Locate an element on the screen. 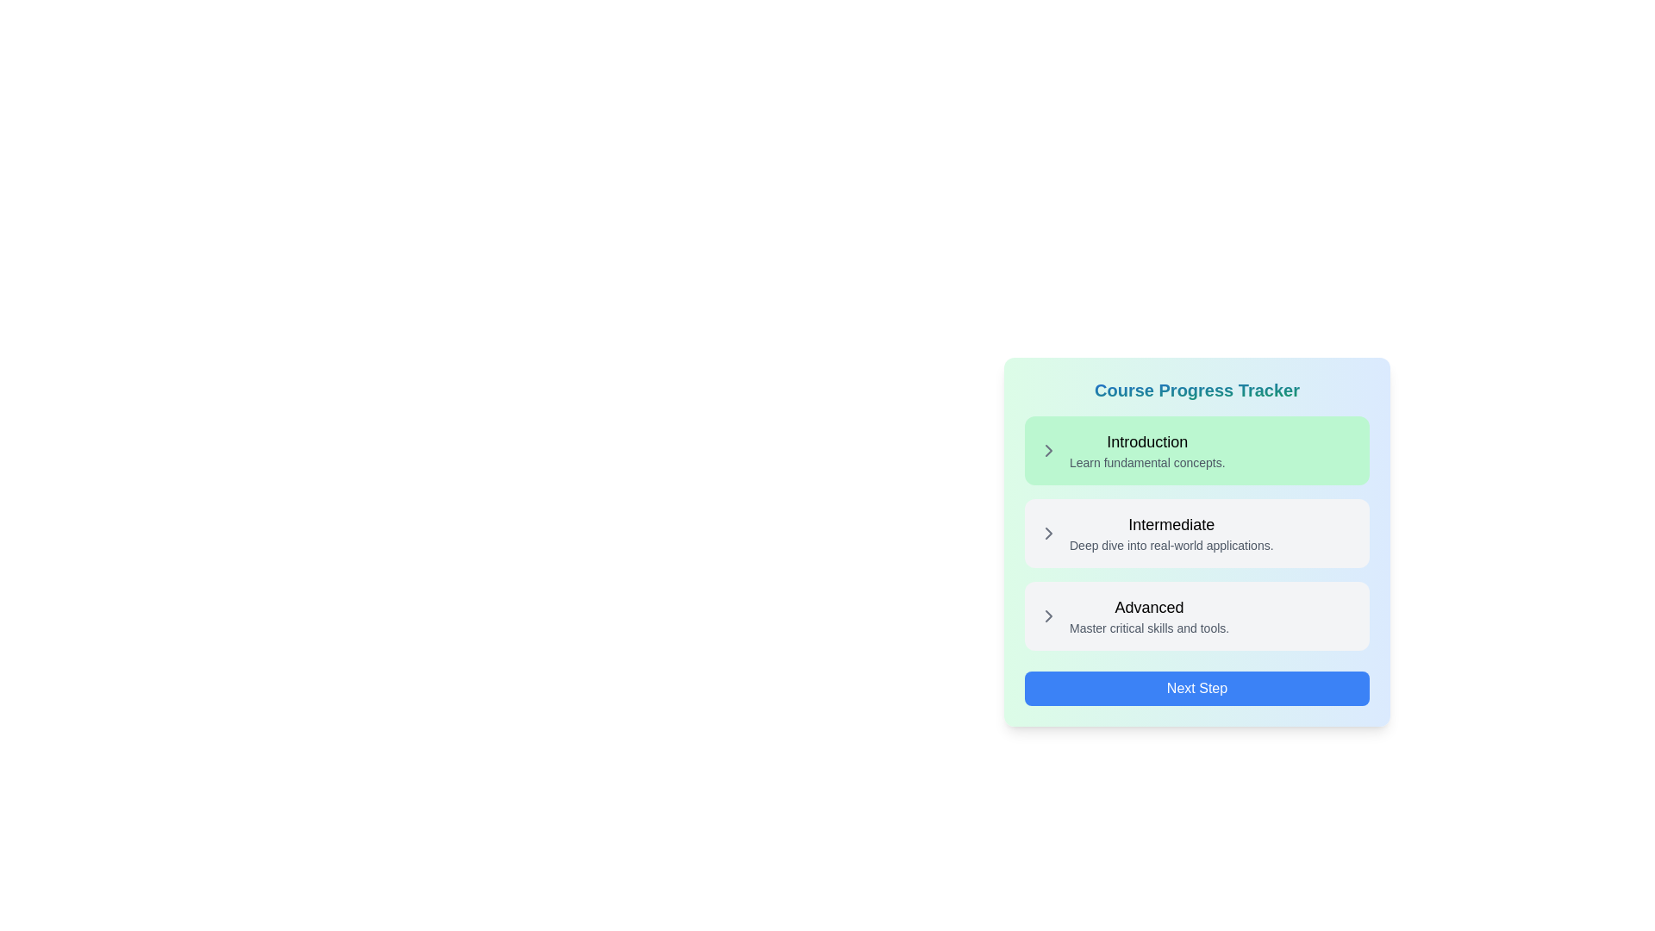 The width and height of the screenshot is (1655, 931). text 'Deep dive into real-world applications.' located in the 'Intermediate' section of the 'Course Progress Tracker' widget, positioned below the main title 'Intermediate' is located at coordinates (1171, 545).